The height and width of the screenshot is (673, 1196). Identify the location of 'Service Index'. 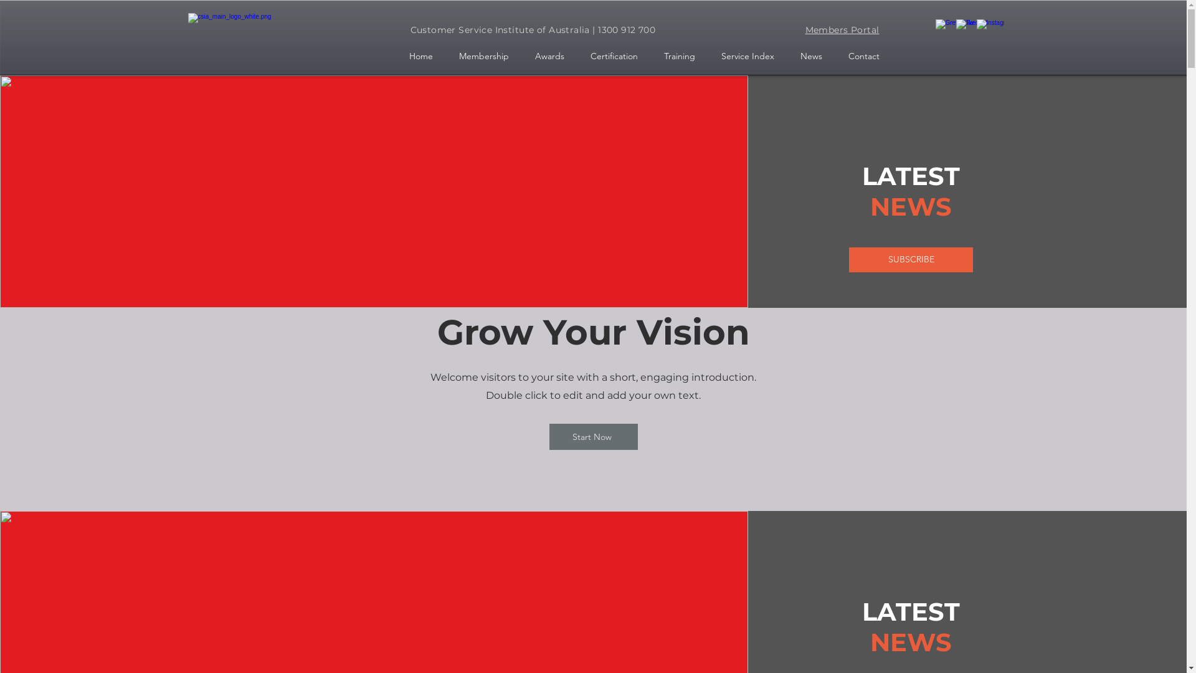
(747, 56).